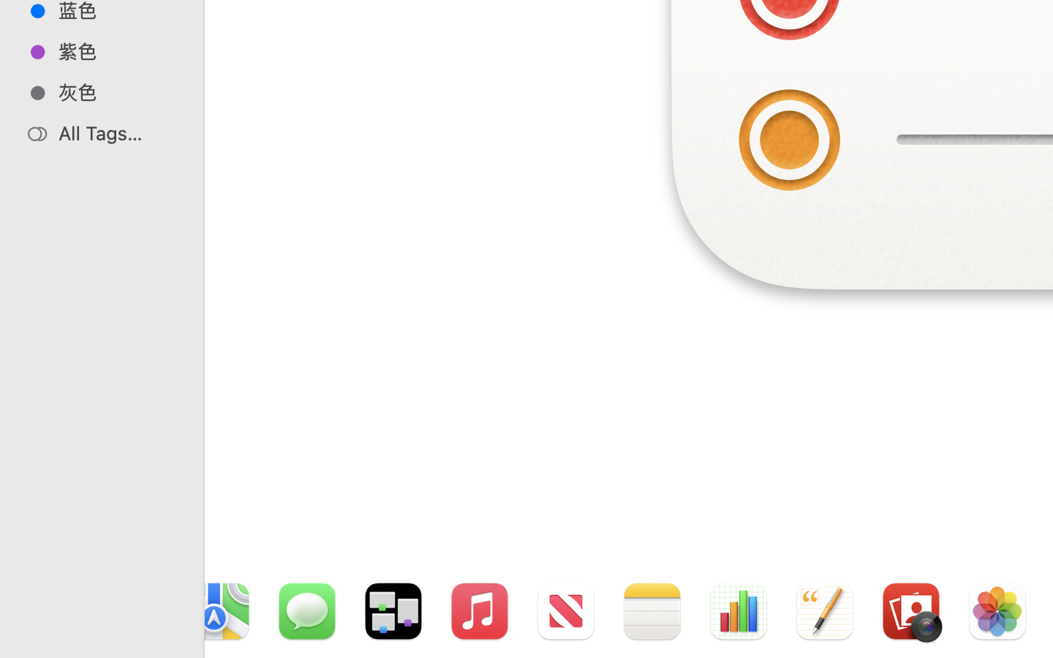 This screenshot has height=658, width=1053. I want to click on 'All Tags…', so click(116, 132).